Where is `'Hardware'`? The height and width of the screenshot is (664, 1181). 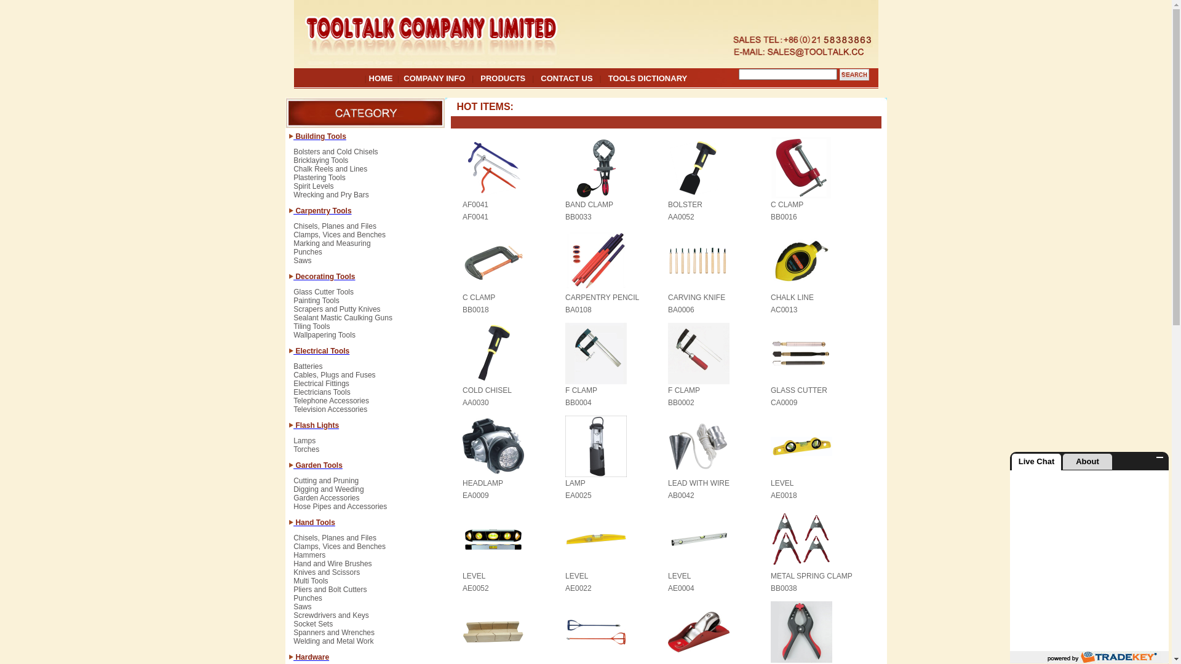
'Hardware' is located at coordinates (311, 656).